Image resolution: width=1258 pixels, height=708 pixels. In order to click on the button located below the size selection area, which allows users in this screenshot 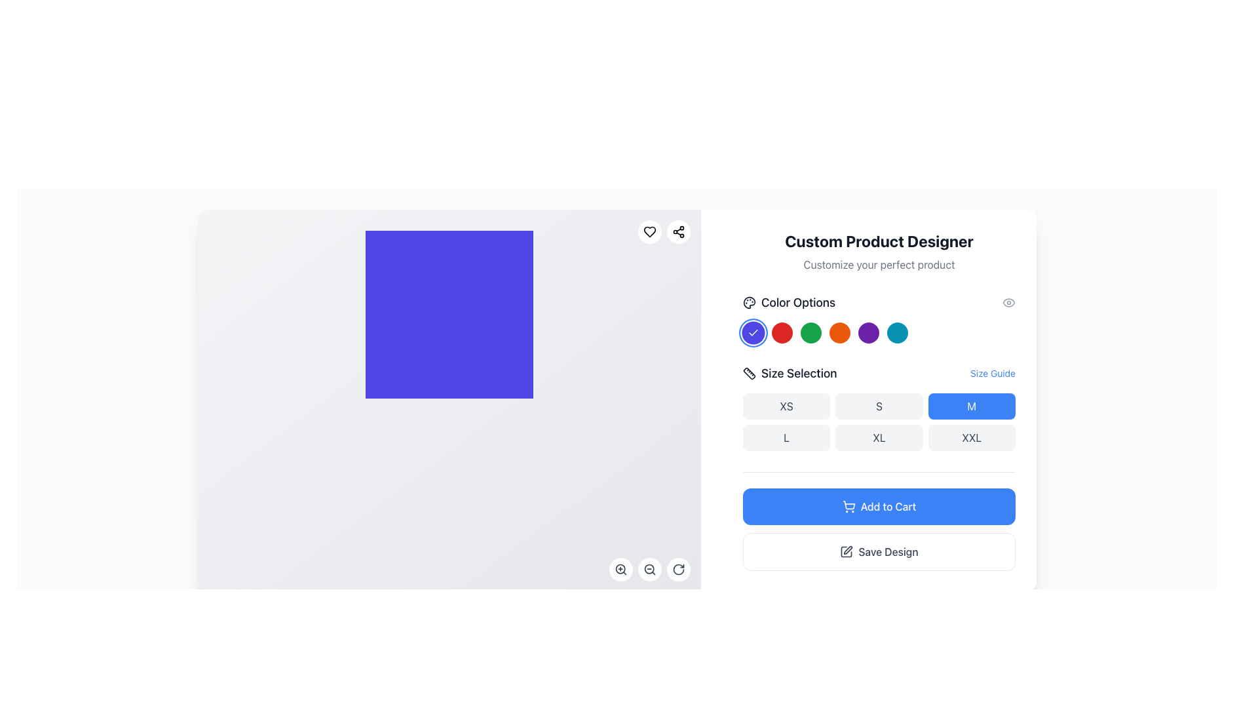, I will do `click(879, 505)`.